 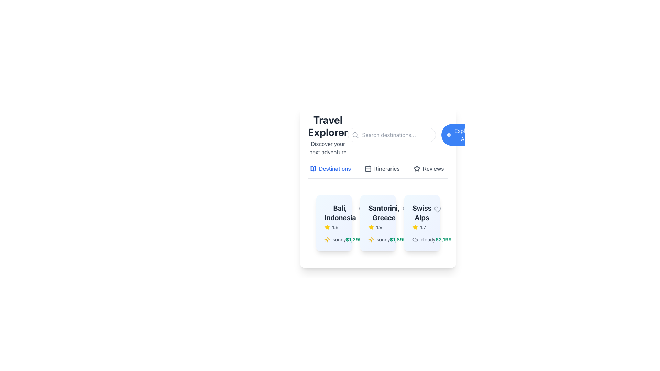 What do you see at coordinates (367, 169) in the screenshot?
I see `the graphic element that represents the calendar icon, located in the center of the icon above the navigation bar` at bounding box center [367, 169].